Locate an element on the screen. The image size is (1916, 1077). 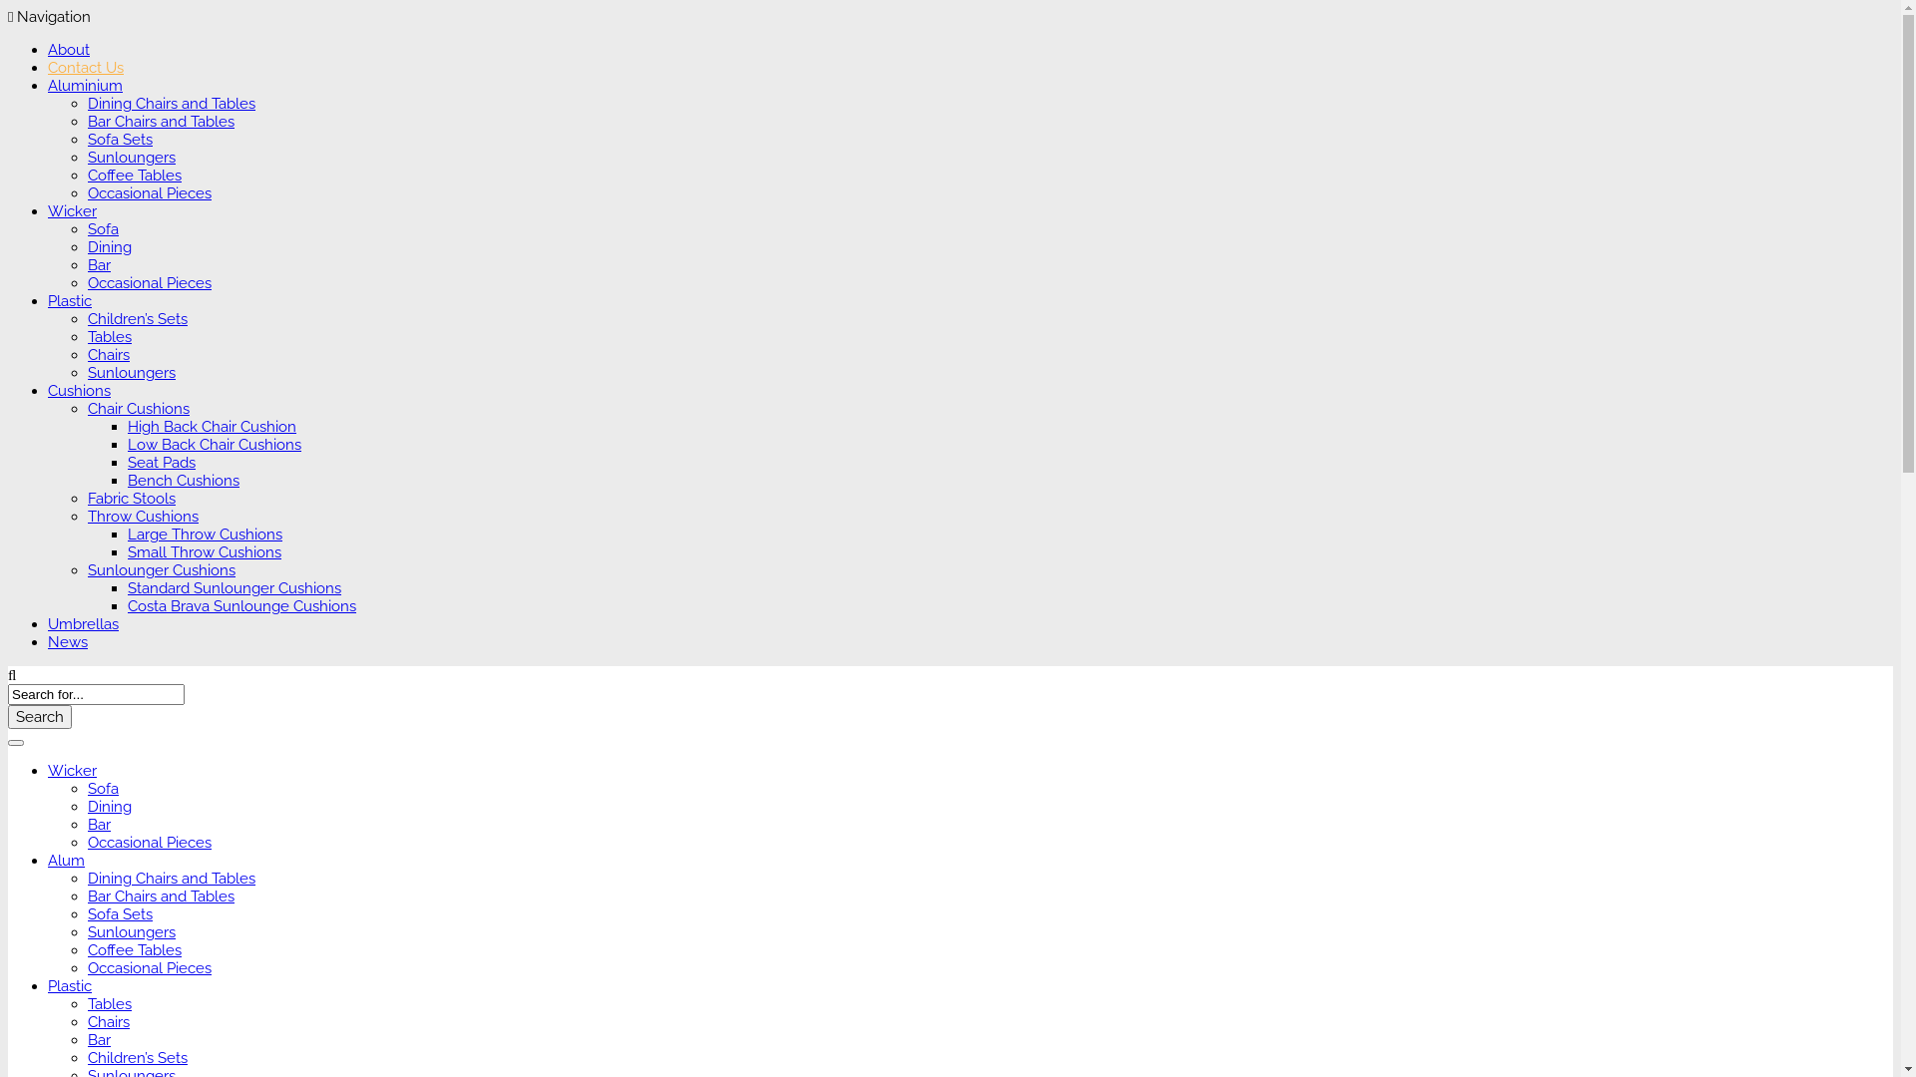
'Seat Pads' is located at coordinates (162, 462).